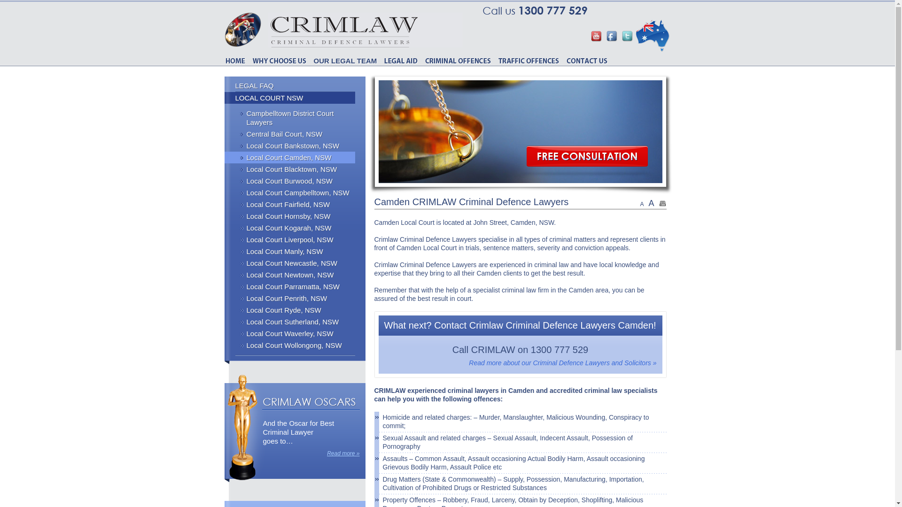 The width and height of the screenshot is (902, 507). What do you see at coordinates (289, 181) in the screenshot?
I see `'Local Court Burwood, NSW'` at bounding box center [289, 181].